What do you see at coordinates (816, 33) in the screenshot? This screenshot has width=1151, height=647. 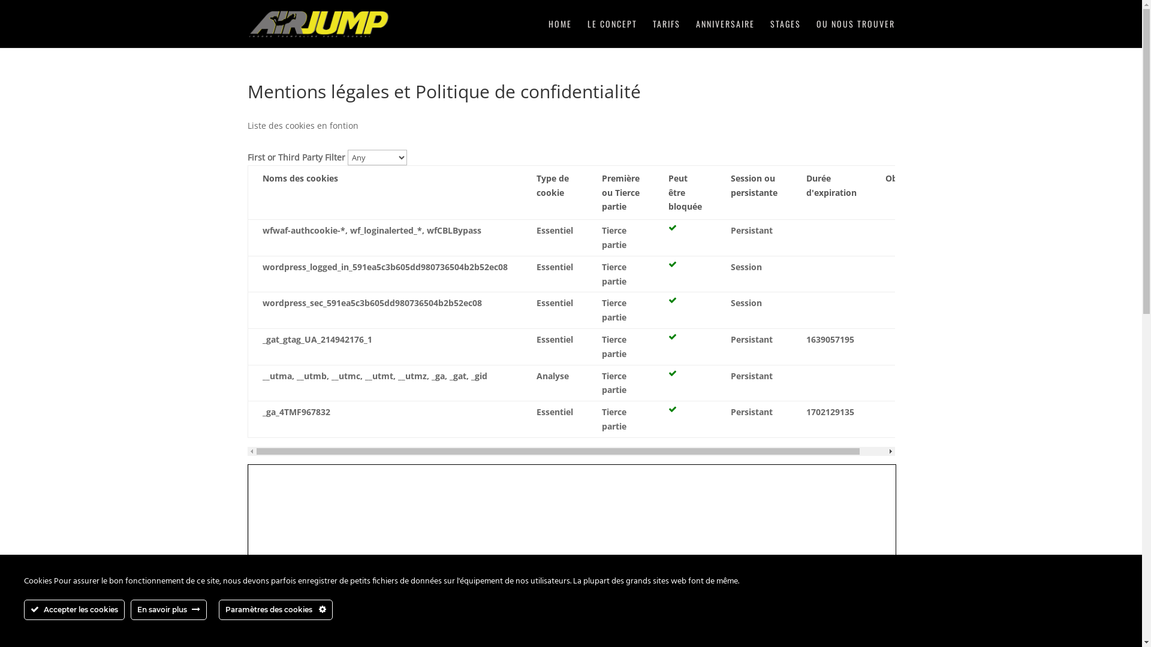 I see `'OU NOUS TROUVER'` at bounding box center [816, 33].